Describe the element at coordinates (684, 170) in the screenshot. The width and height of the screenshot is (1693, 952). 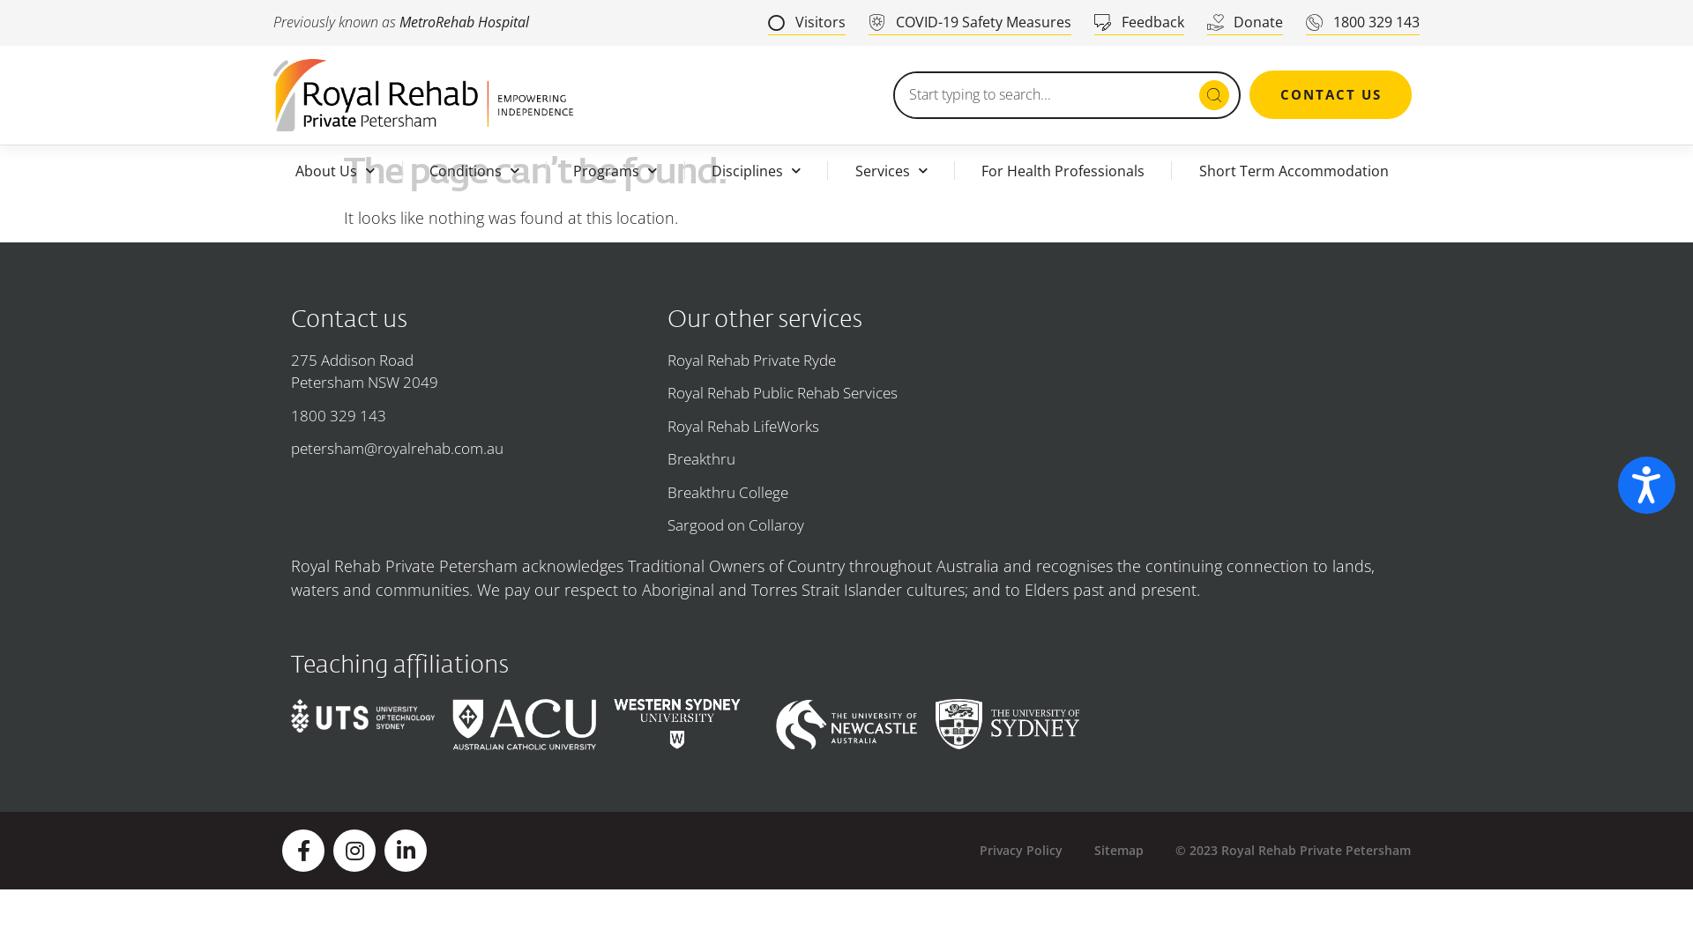
I see `'Disciplines'` at that location.